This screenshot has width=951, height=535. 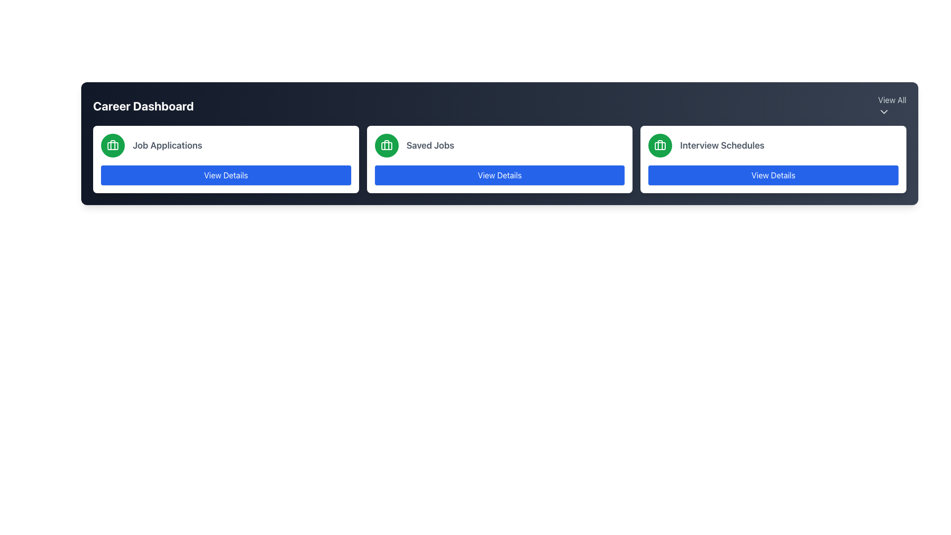 I want to click on the 'View All' button, which is styled in light gray on a dark blue background and features a downward-pointing chevron icon, so click(x=892, y=106).